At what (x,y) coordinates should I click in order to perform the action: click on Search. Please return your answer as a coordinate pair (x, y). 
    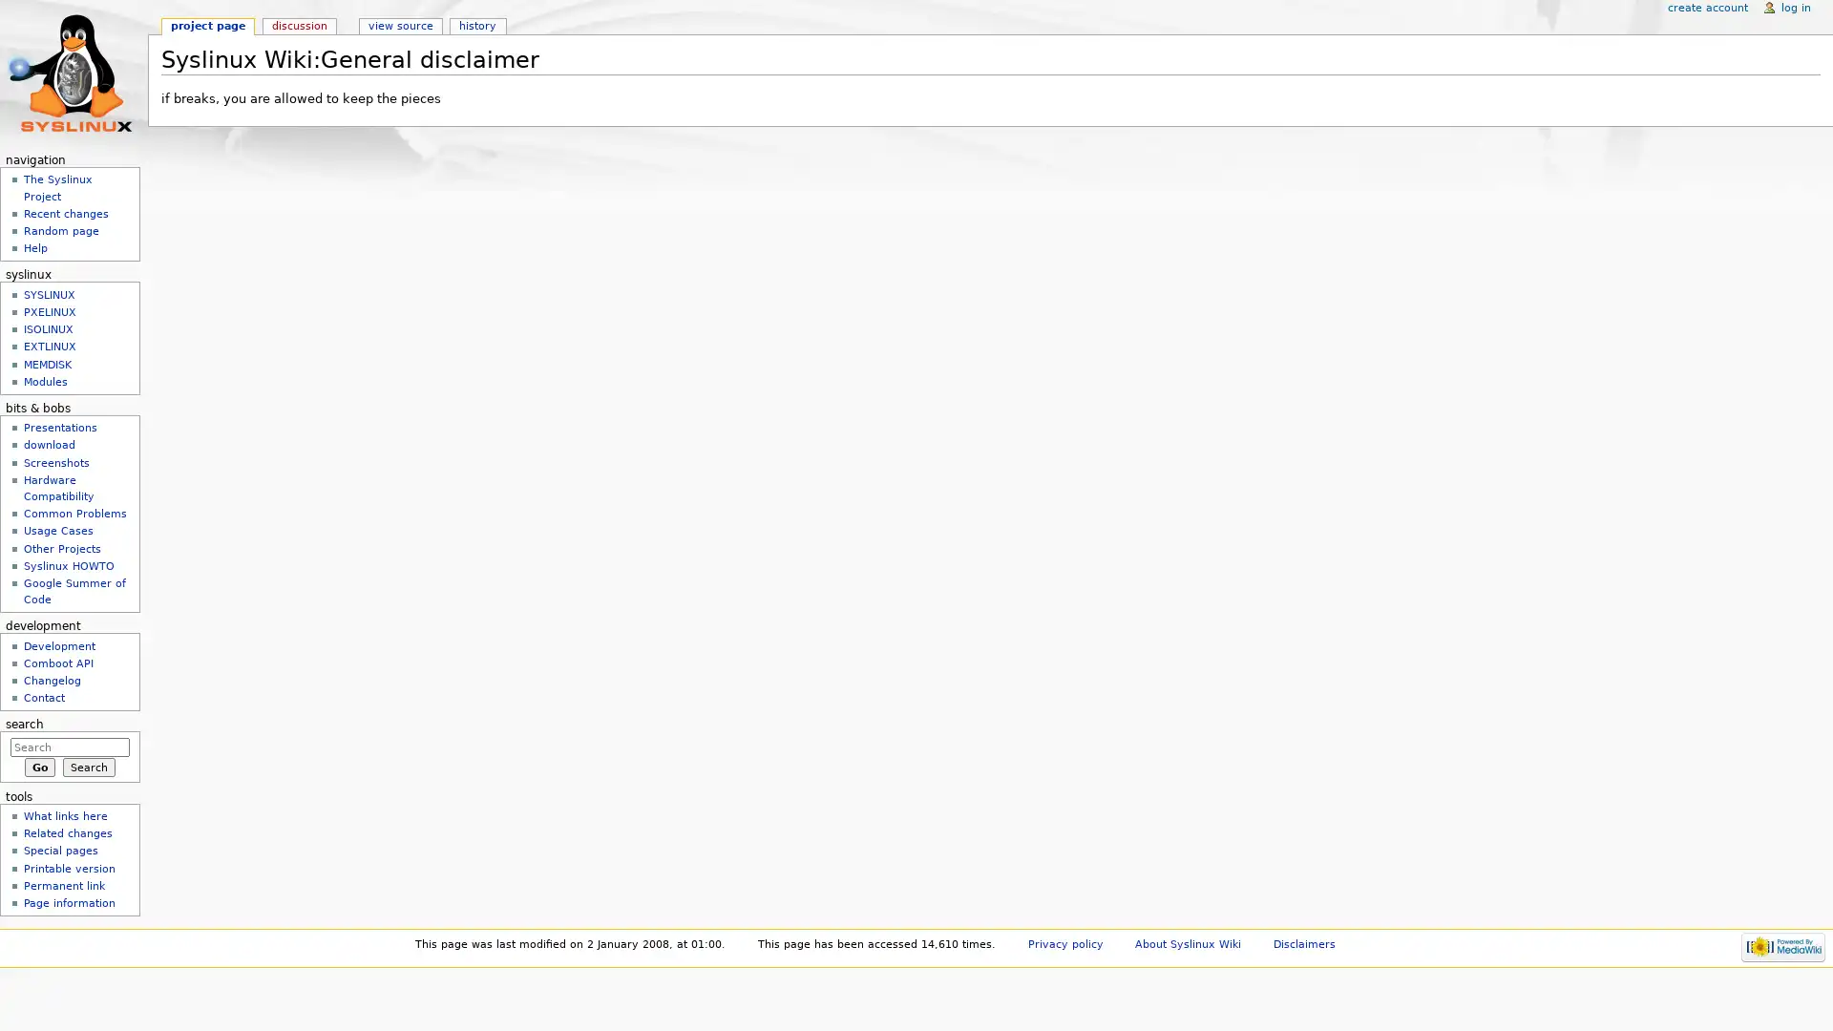
    Looking at the image, I should click on (88, 766).